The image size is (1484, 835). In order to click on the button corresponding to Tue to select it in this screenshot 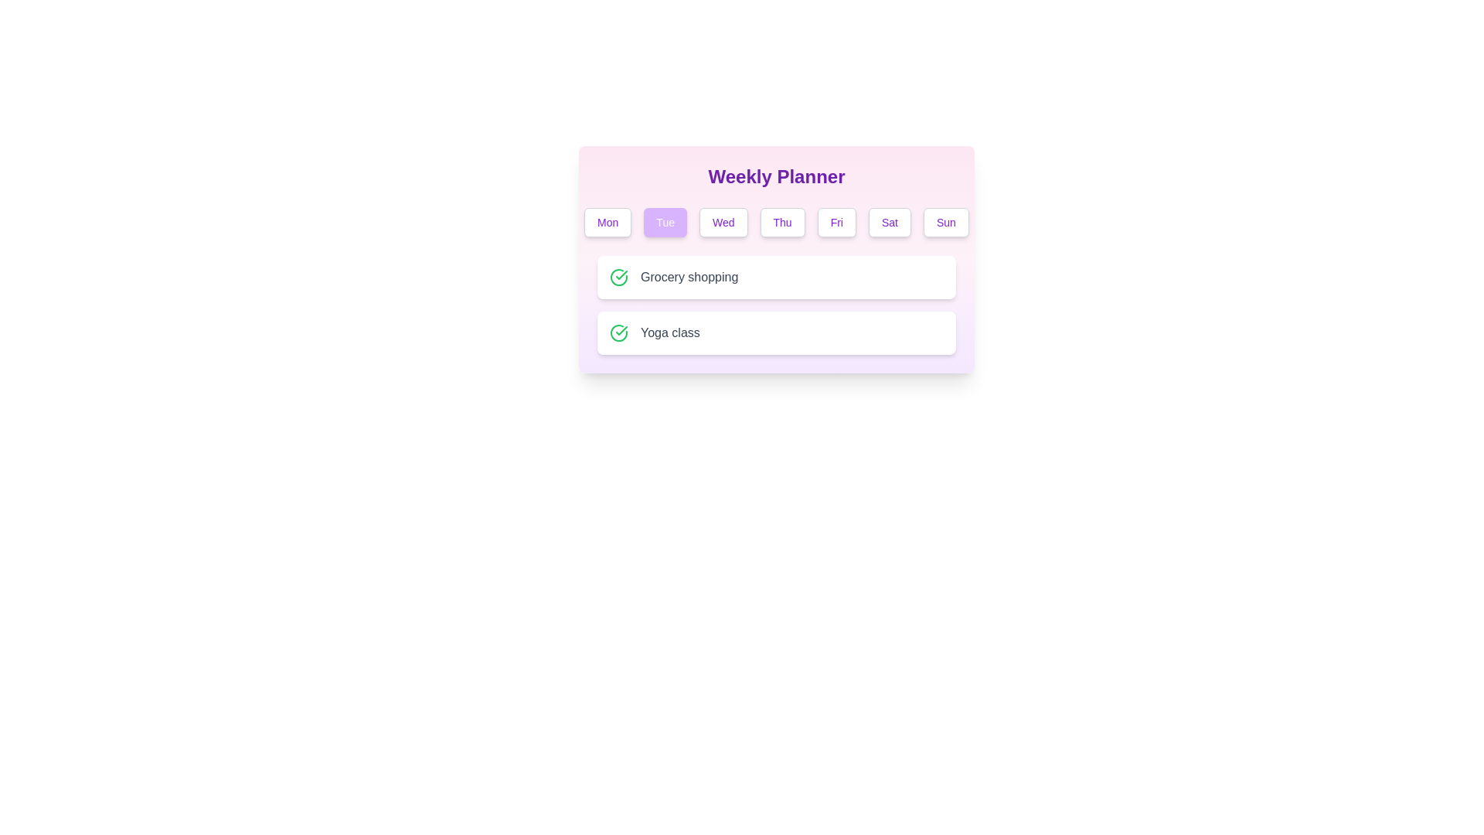, I will do `click(665, 223)`.